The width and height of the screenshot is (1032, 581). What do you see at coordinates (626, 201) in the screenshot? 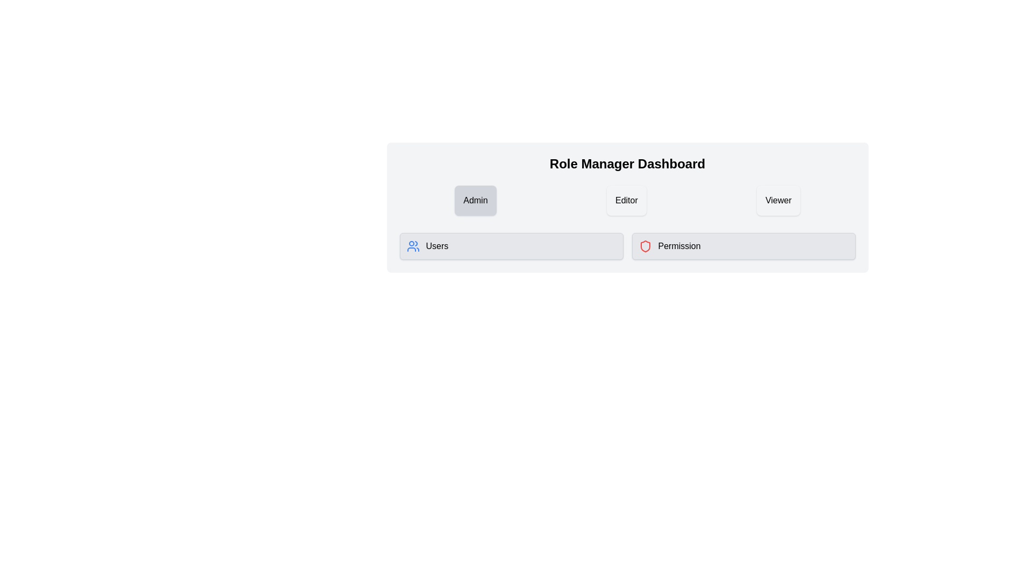
I see `the 'Editor' button, which is the middle rectangular block with rounded corners and a light background` at bounding box center [626, 201].